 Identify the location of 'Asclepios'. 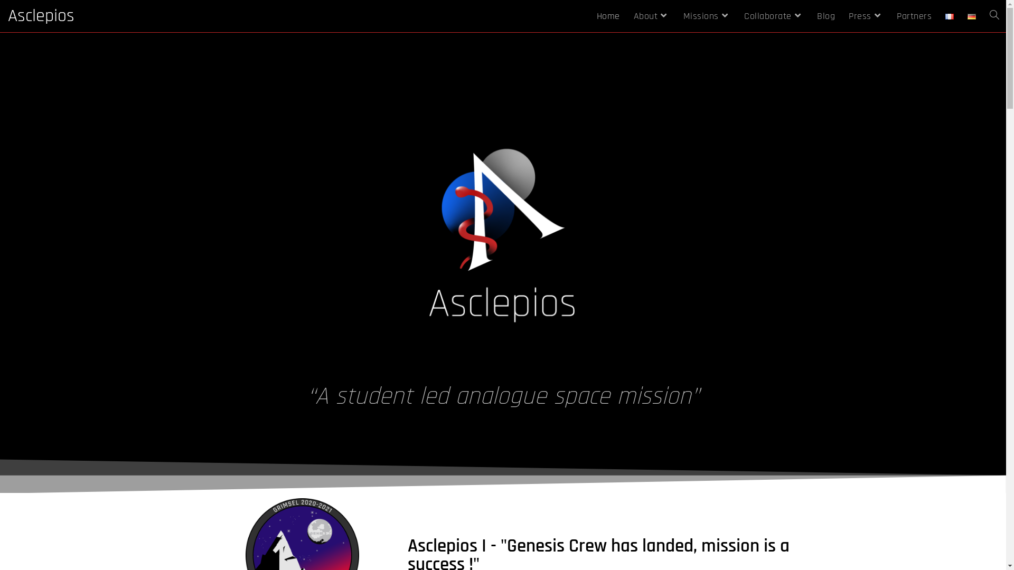
(41, 16).